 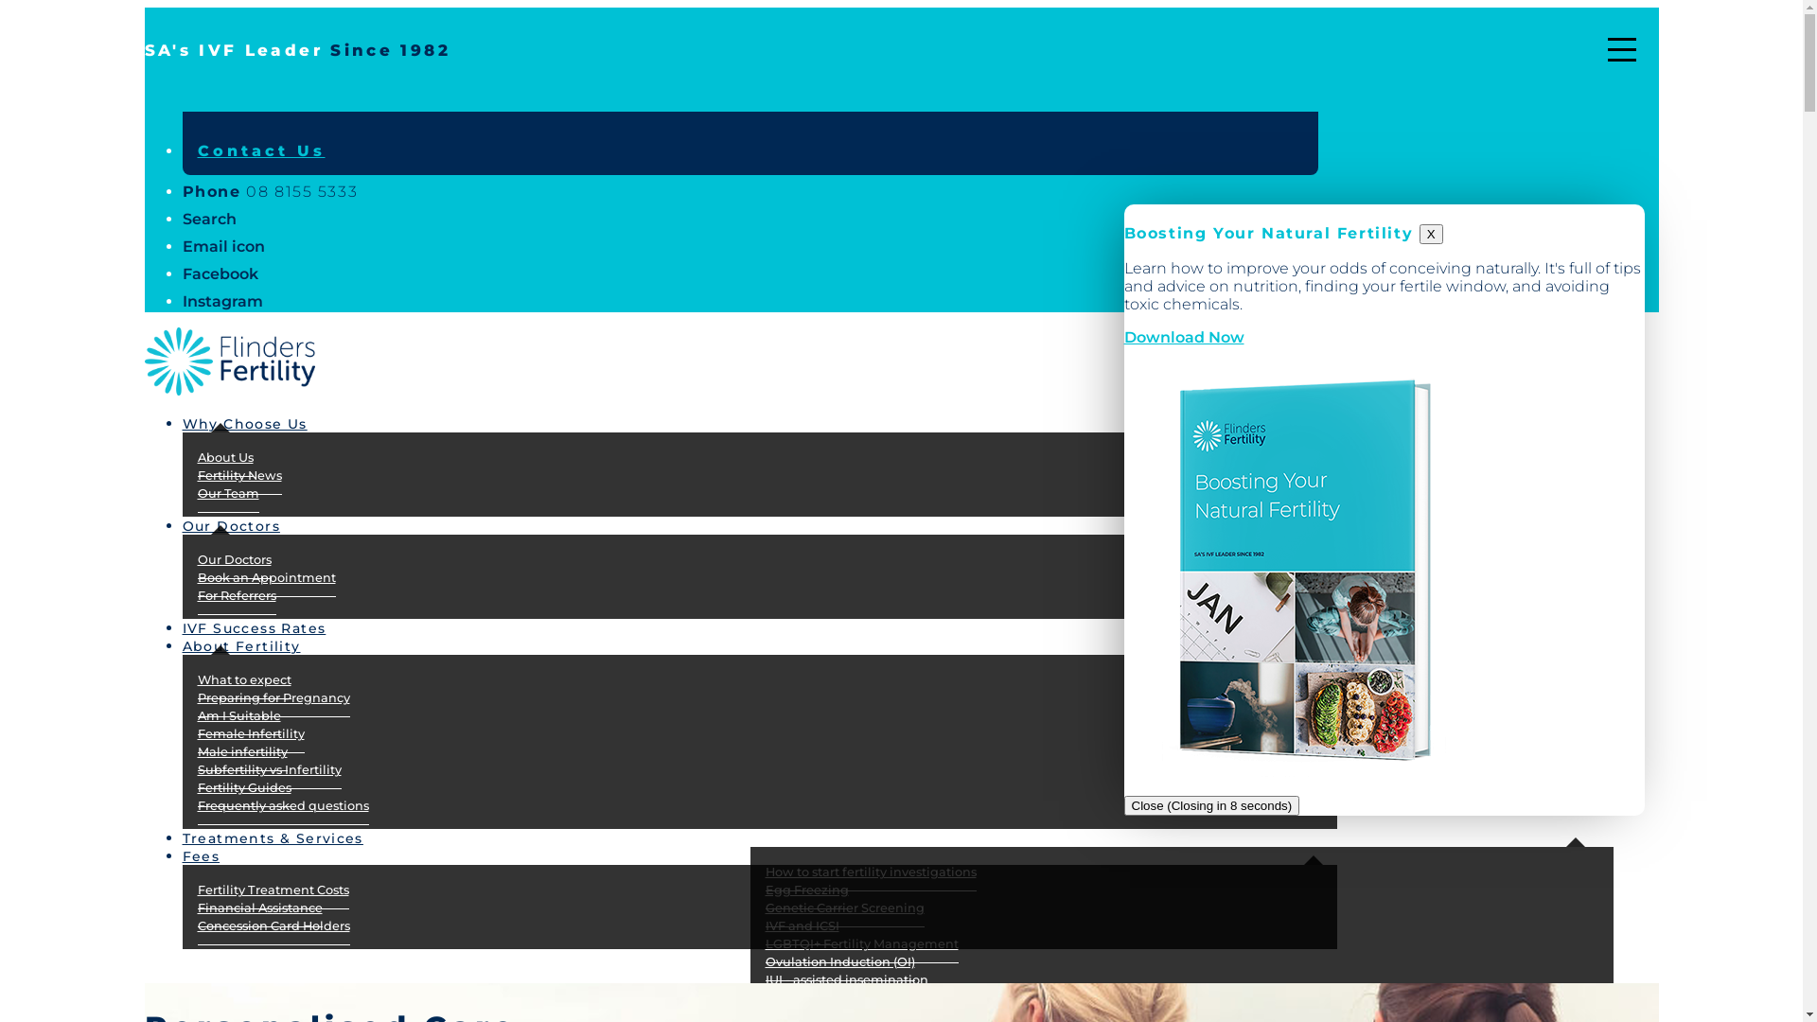 What do you see at coordinates (221, 300) in the screenshot?
I see `'Instagram'` at bounding box center [221, 300].